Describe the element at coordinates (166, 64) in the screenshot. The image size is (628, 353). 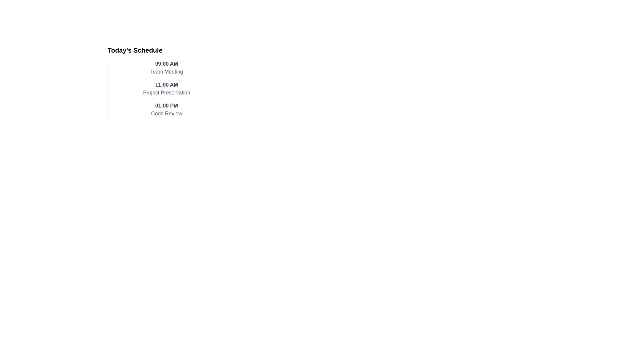
I see `text label displaying '09:00 AM', which is in bold, dark gray font and part of the schedule list at the top of 'Today's Schedule'` at that location.